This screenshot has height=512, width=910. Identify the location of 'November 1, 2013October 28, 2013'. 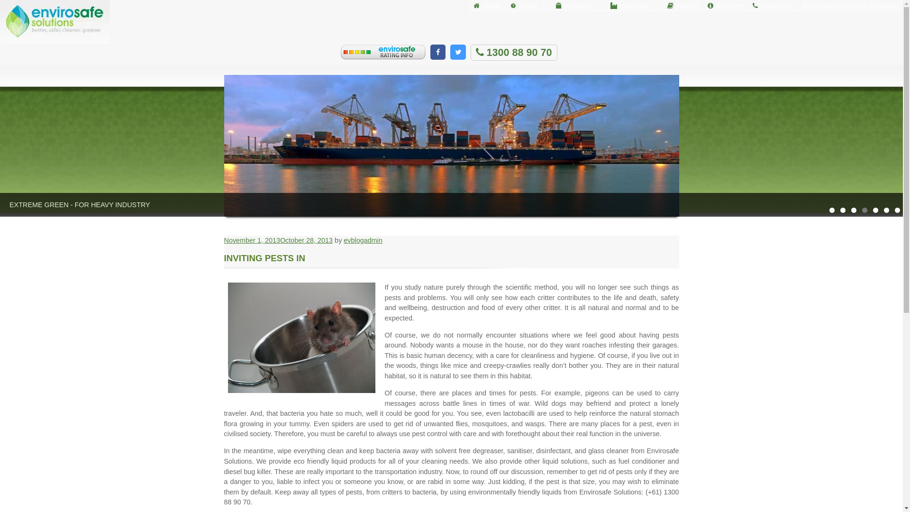
(277, 239).